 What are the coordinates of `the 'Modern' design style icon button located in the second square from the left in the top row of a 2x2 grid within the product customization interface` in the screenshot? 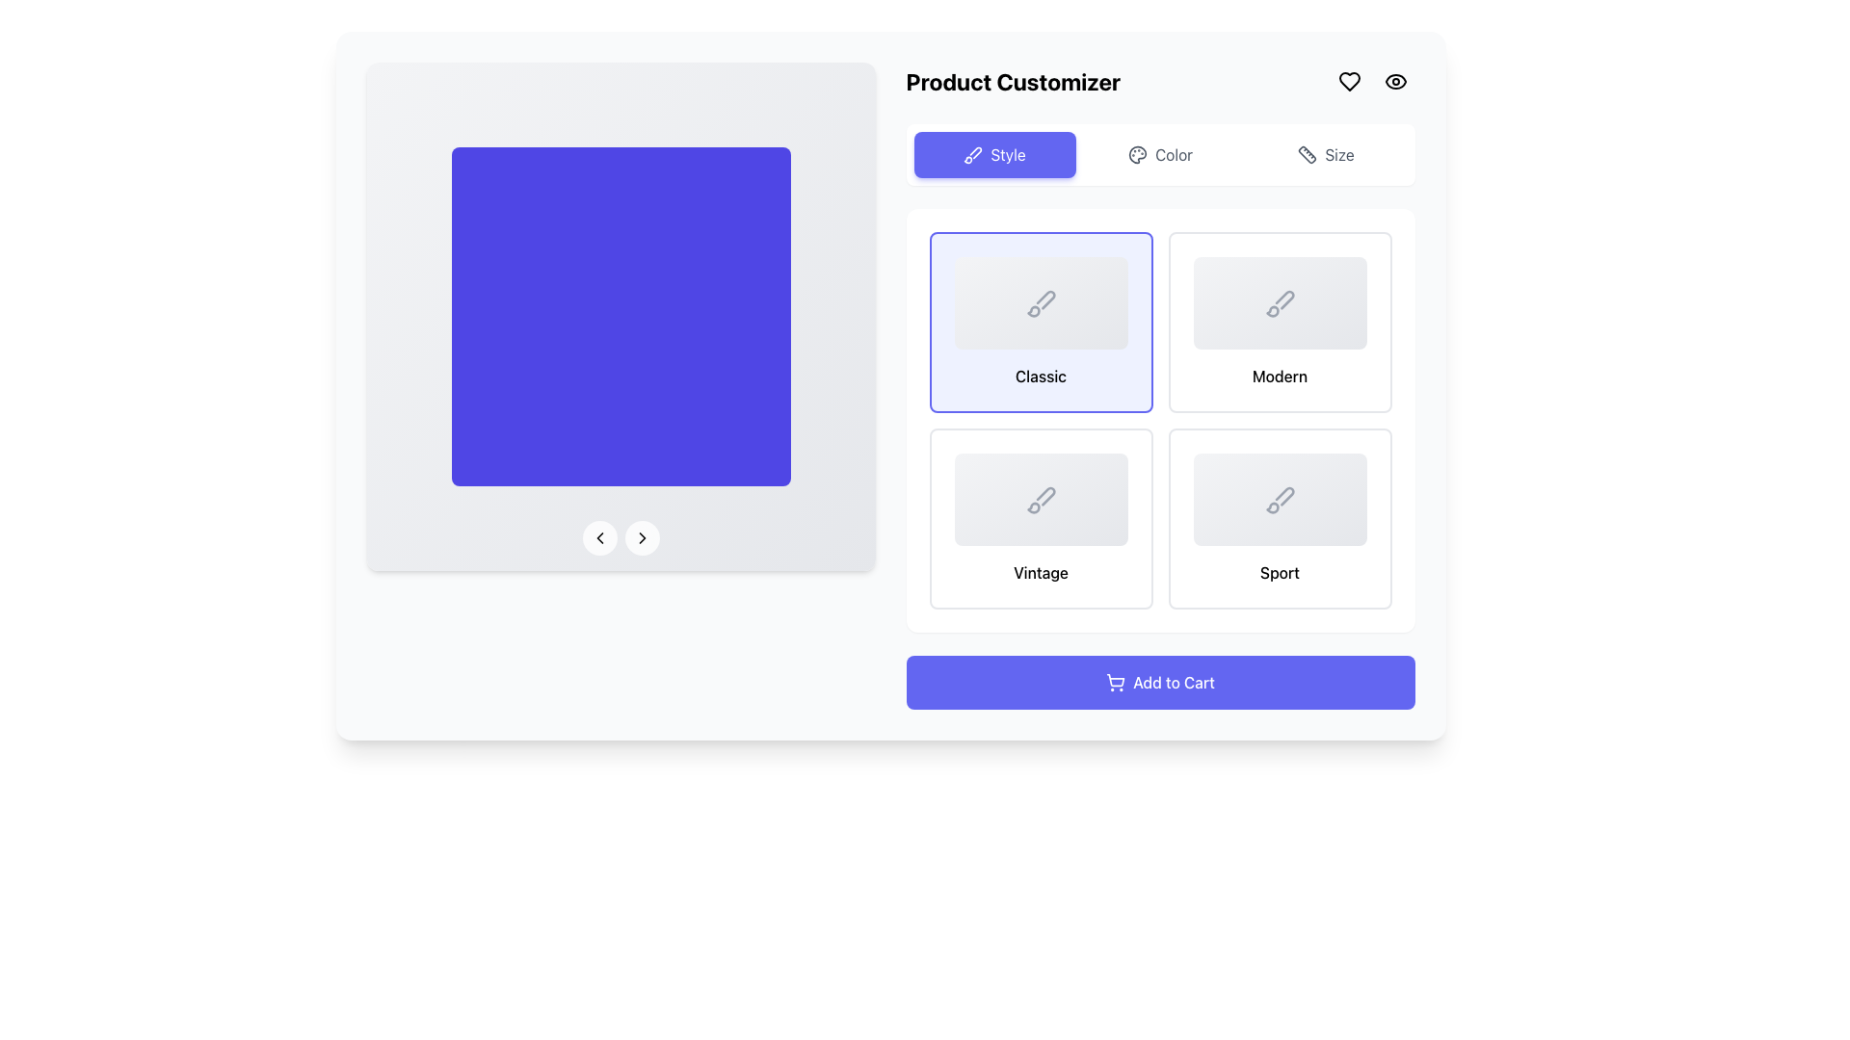 It's located at (1280, 303).